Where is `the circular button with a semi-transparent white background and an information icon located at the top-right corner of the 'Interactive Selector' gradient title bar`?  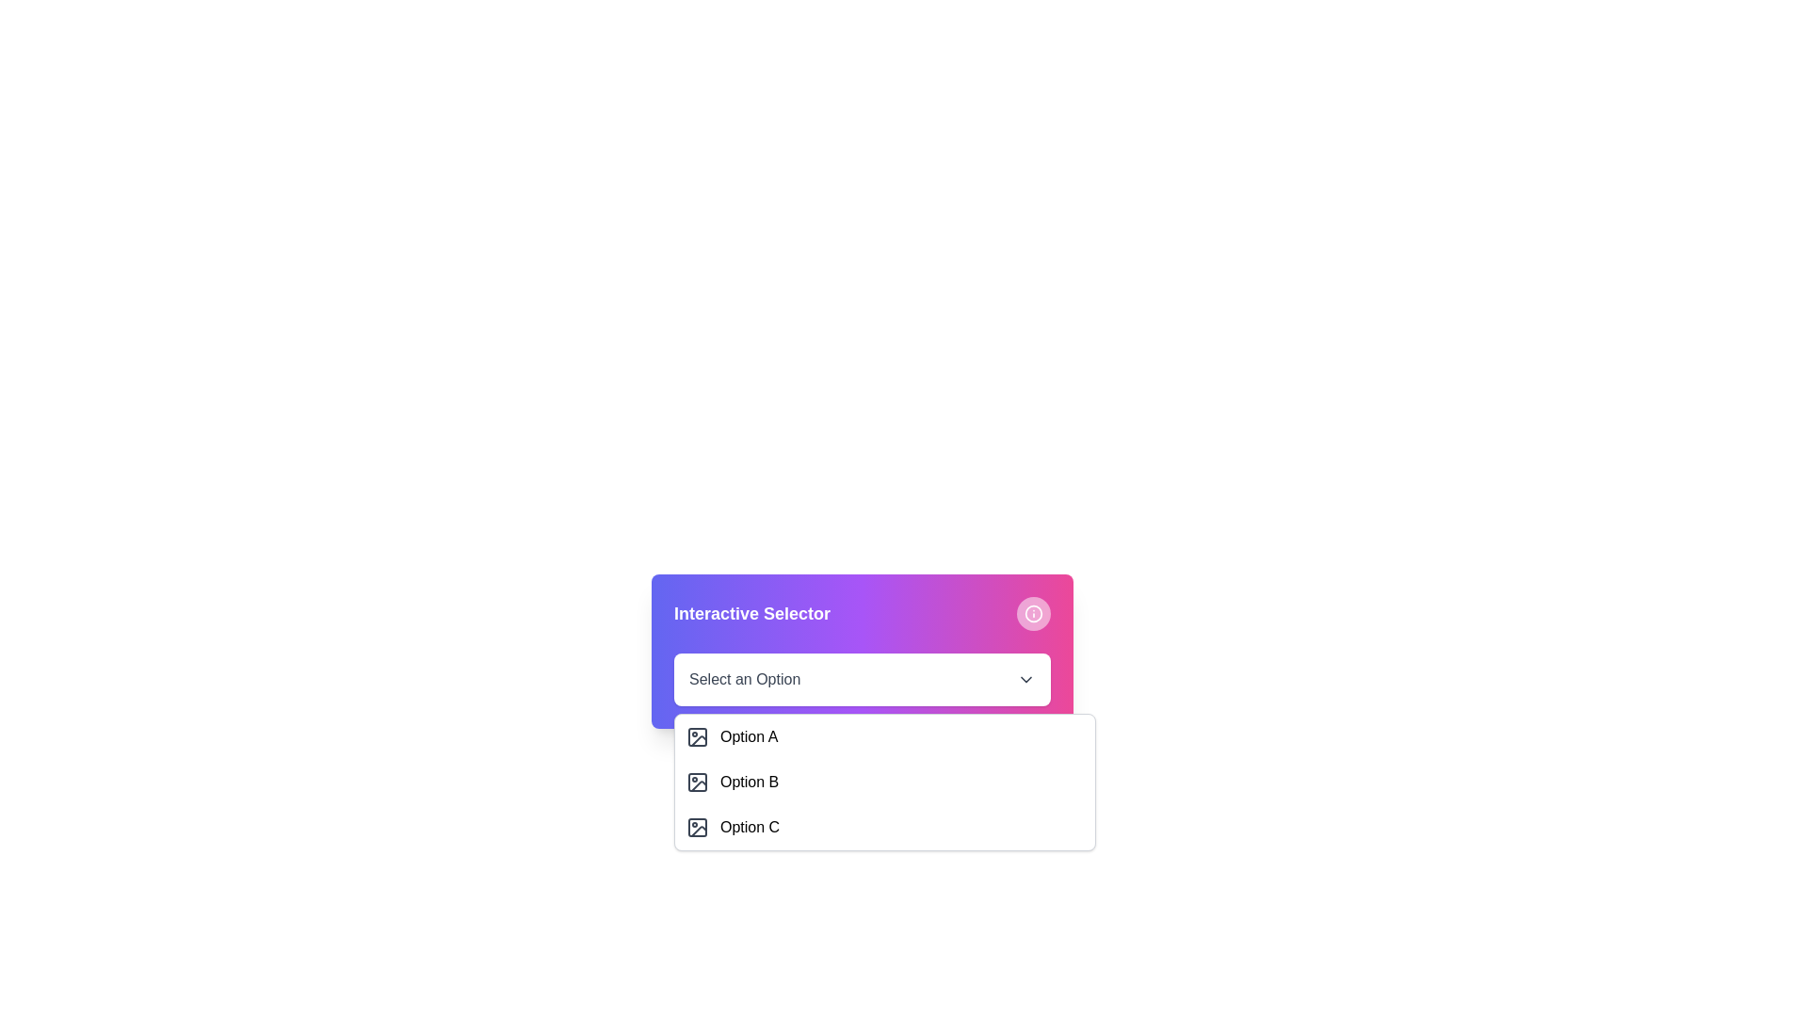
the circular button with a semi-transparent white background and an information icon located at the top-right corner of the 'Interactive Selector' gradient title bar is located at coordinates (1033, 613).